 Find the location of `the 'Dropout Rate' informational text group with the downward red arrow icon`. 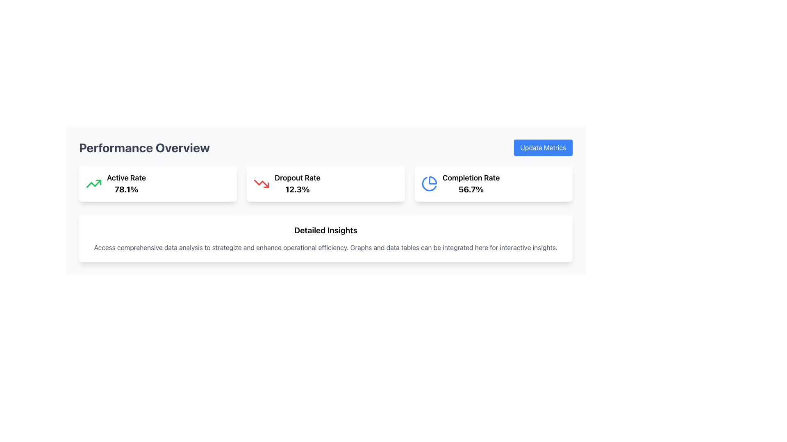

the 'Dropout Rate' informational text group with the downward red arrow icon is located at coordinates (287, 183).